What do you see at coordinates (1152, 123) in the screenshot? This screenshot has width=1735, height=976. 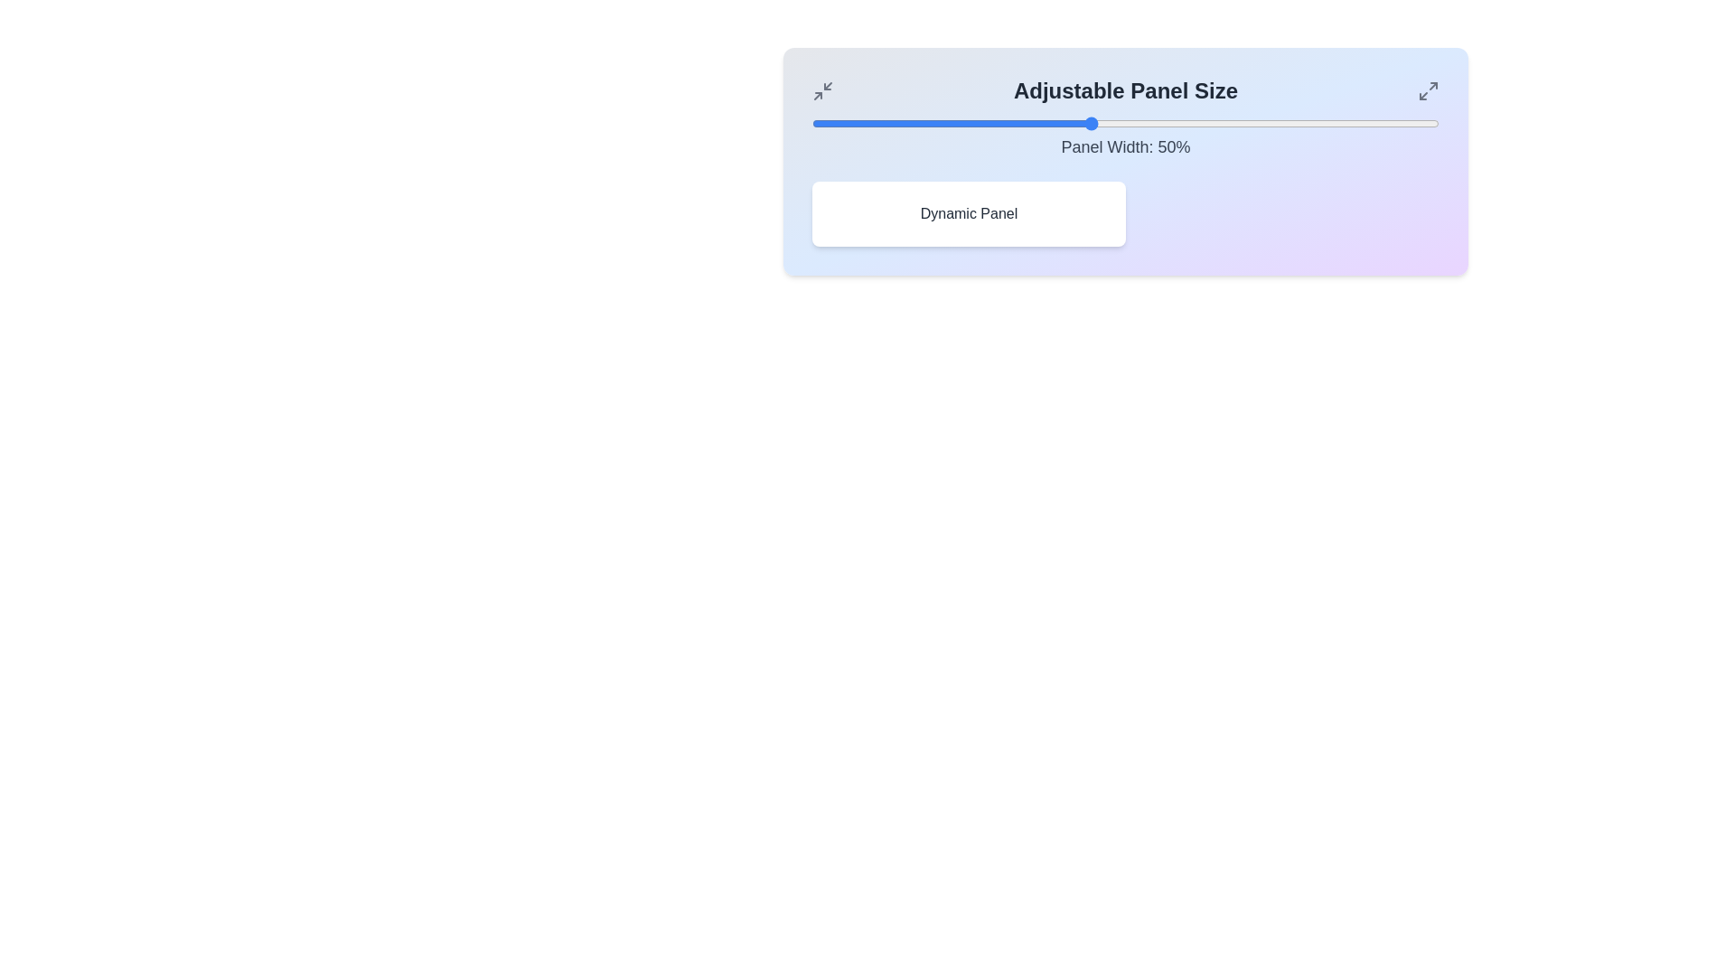 I see `the slider value` at bounding box center [1152, 123].